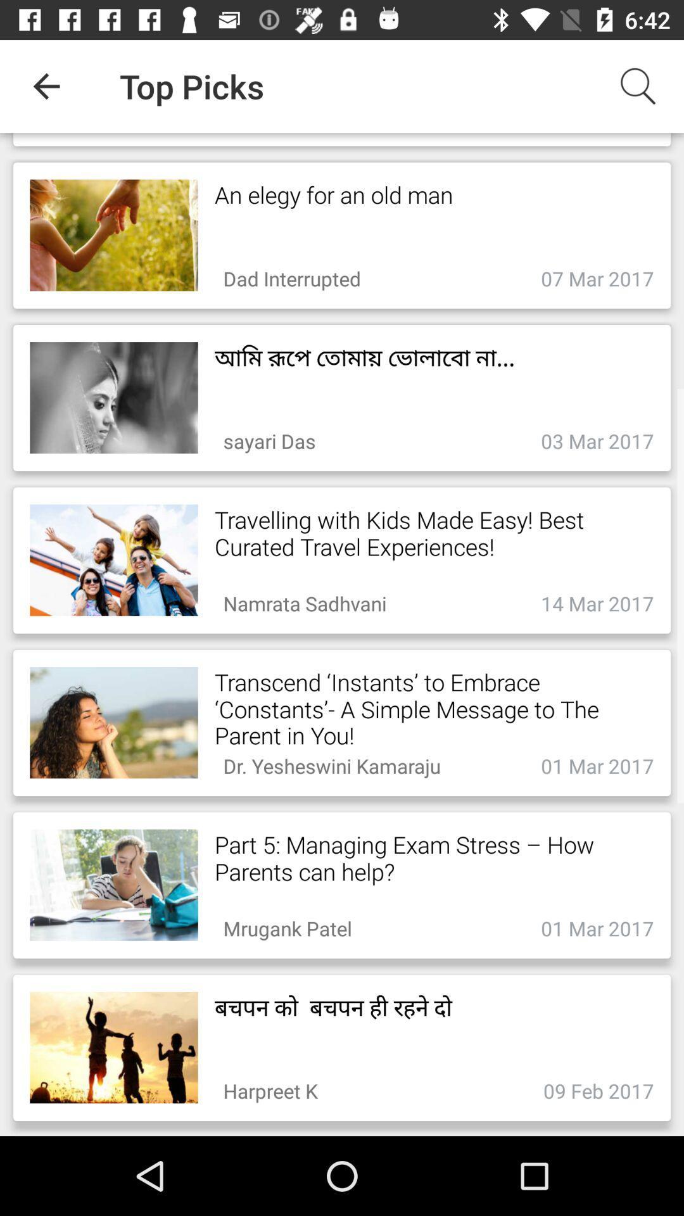 Image resolution: width=684 pixels, height=1216 pixels. What do you see at coordinates (46, 85) in the screenshot?
I see `item next to the top picks app` at bounding box center [46, 85].